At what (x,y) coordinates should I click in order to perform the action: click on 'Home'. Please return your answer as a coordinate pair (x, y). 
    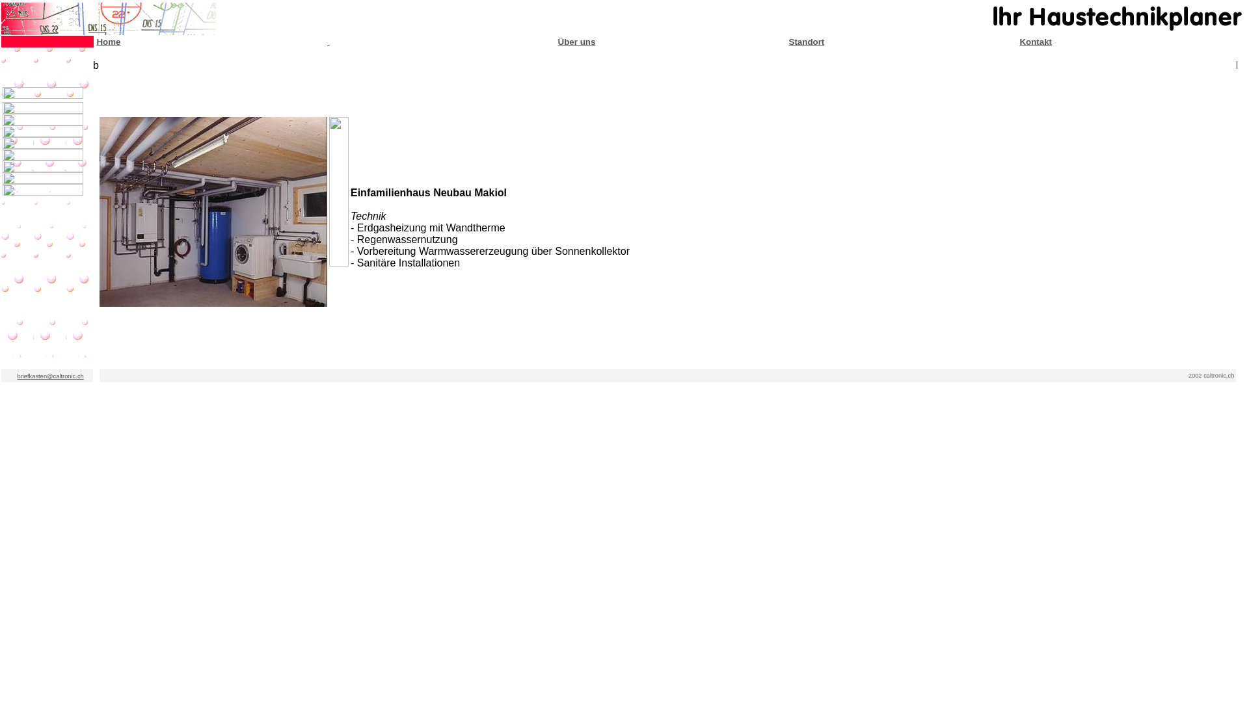
    Looking at the image, I should click on (108, 40).